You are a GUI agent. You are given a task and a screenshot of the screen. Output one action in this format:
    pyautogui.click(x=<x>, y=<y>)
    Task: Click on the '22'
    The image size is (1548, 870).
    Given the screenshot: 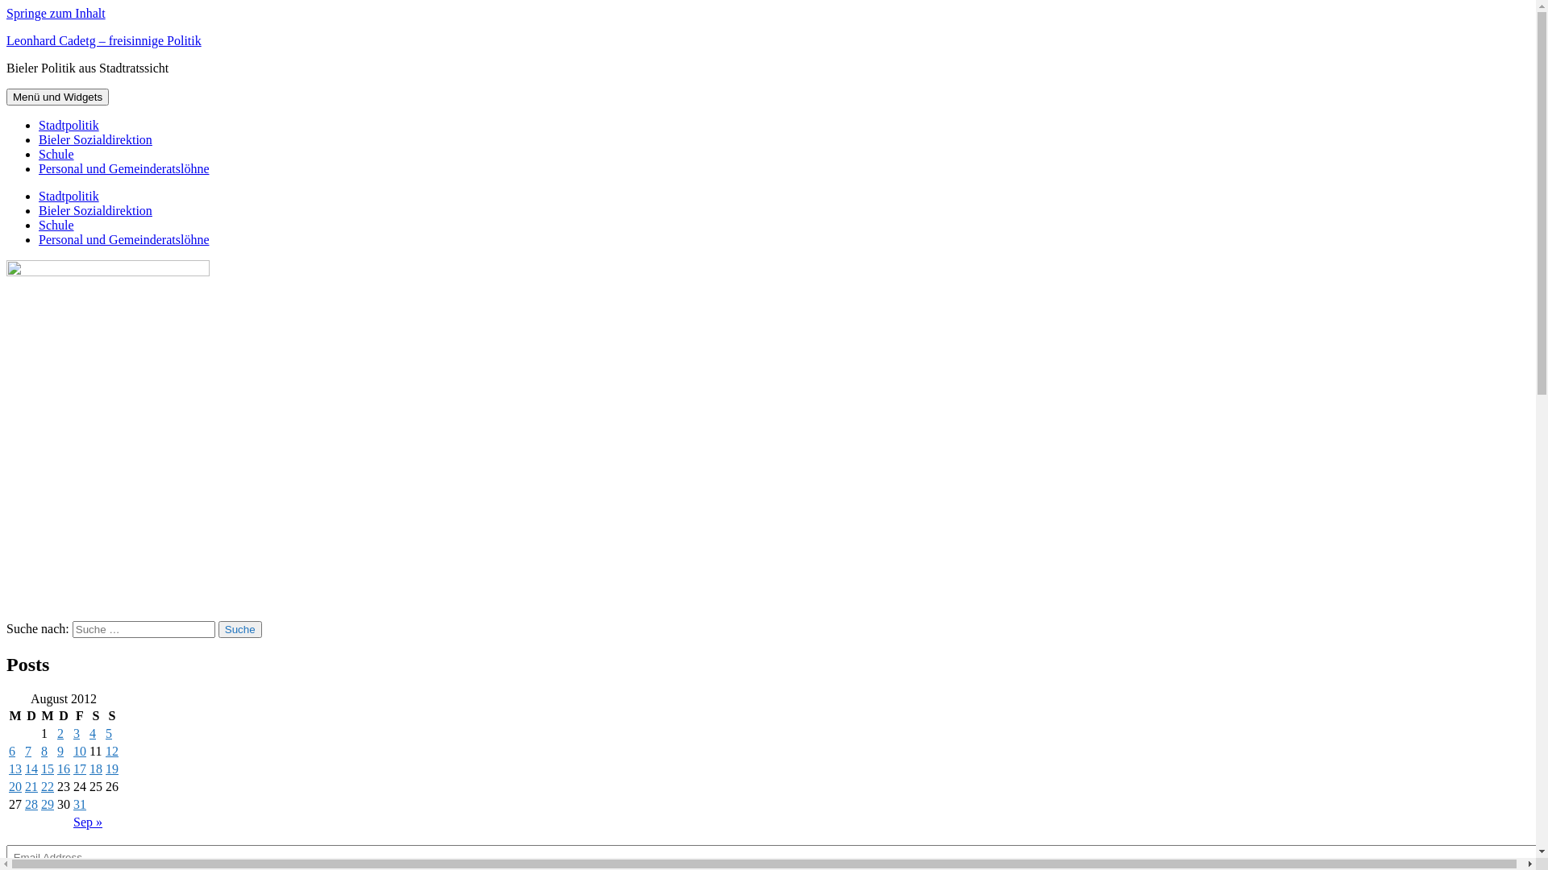 What is the action you would take?
    pyautogui.click(x=47, y=785)
    